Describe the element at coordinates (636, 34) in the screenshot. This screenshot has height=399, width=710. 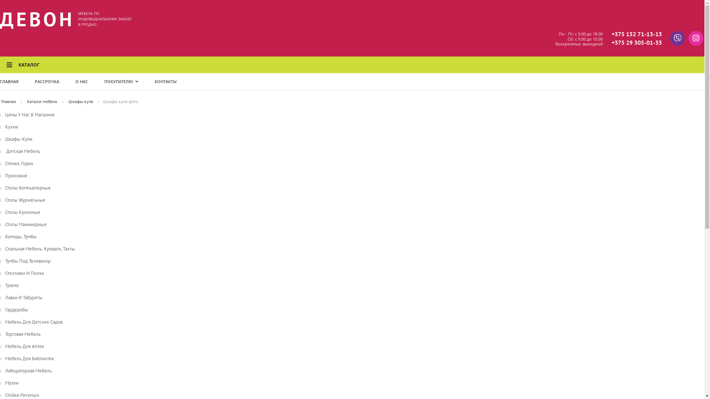
I see `'+375 152 71-13-13'` at that location.